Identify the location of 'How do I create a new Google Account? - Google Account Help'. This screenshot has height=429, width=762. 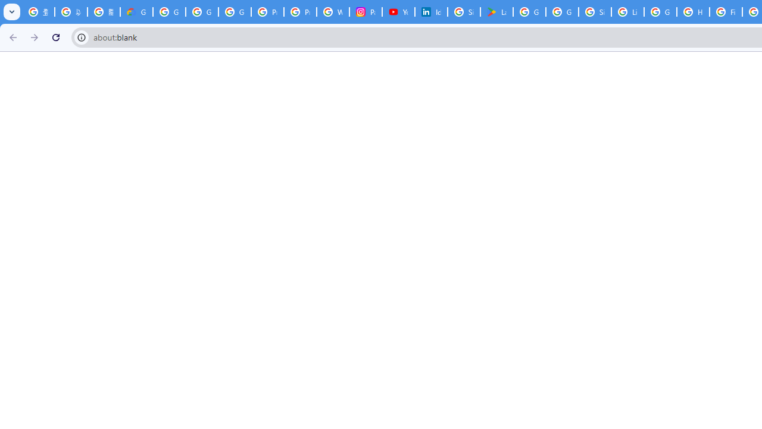
(693, 12).